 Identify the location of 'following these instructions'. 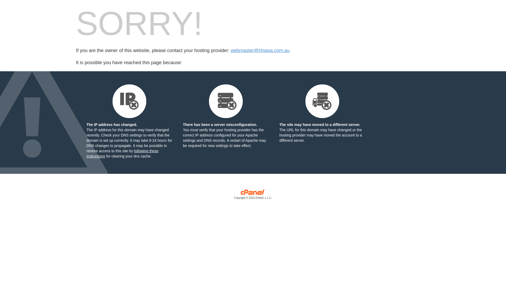
(122, 153).